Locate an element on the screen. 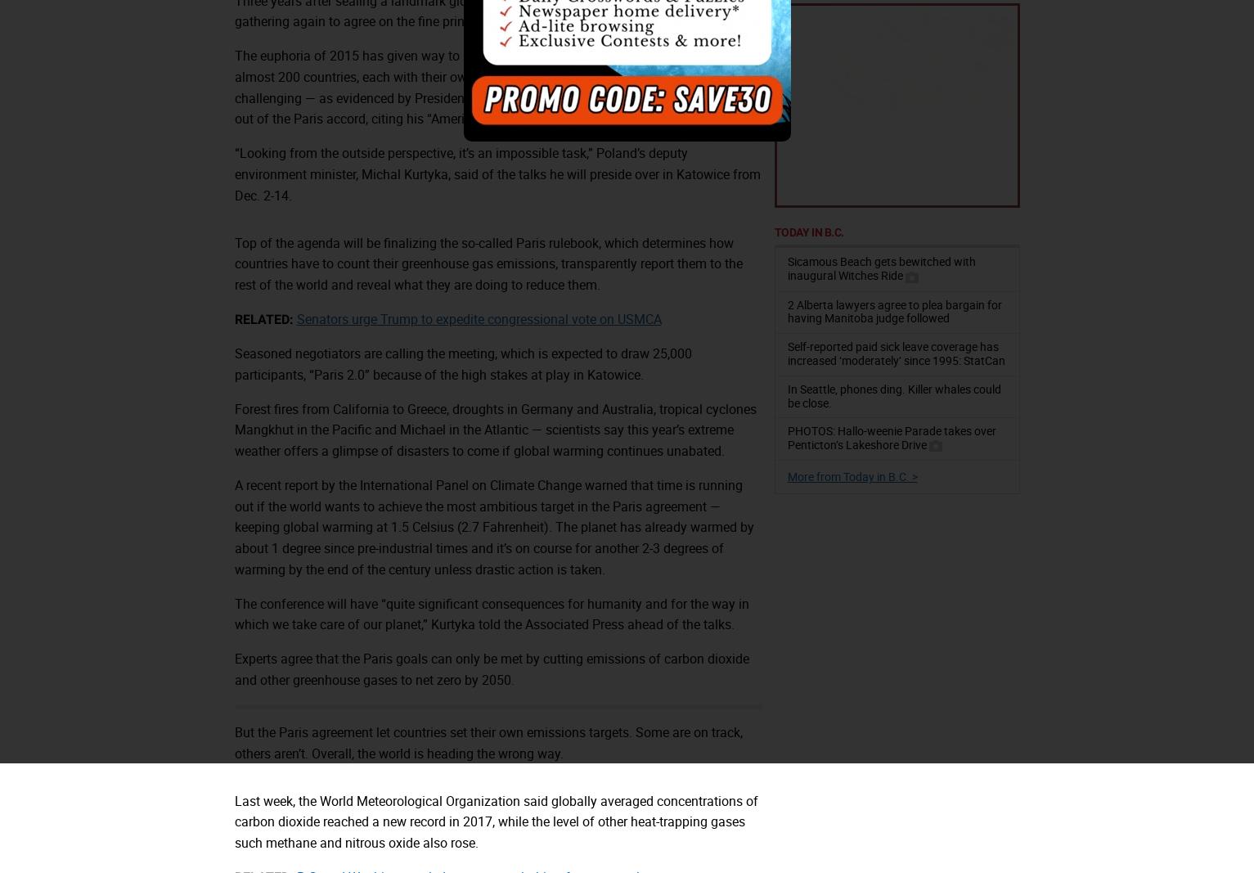  '2 Alberta lawyers agree to plea bargain for having Manitoba judge followed' is located at coordinates (893, 309).